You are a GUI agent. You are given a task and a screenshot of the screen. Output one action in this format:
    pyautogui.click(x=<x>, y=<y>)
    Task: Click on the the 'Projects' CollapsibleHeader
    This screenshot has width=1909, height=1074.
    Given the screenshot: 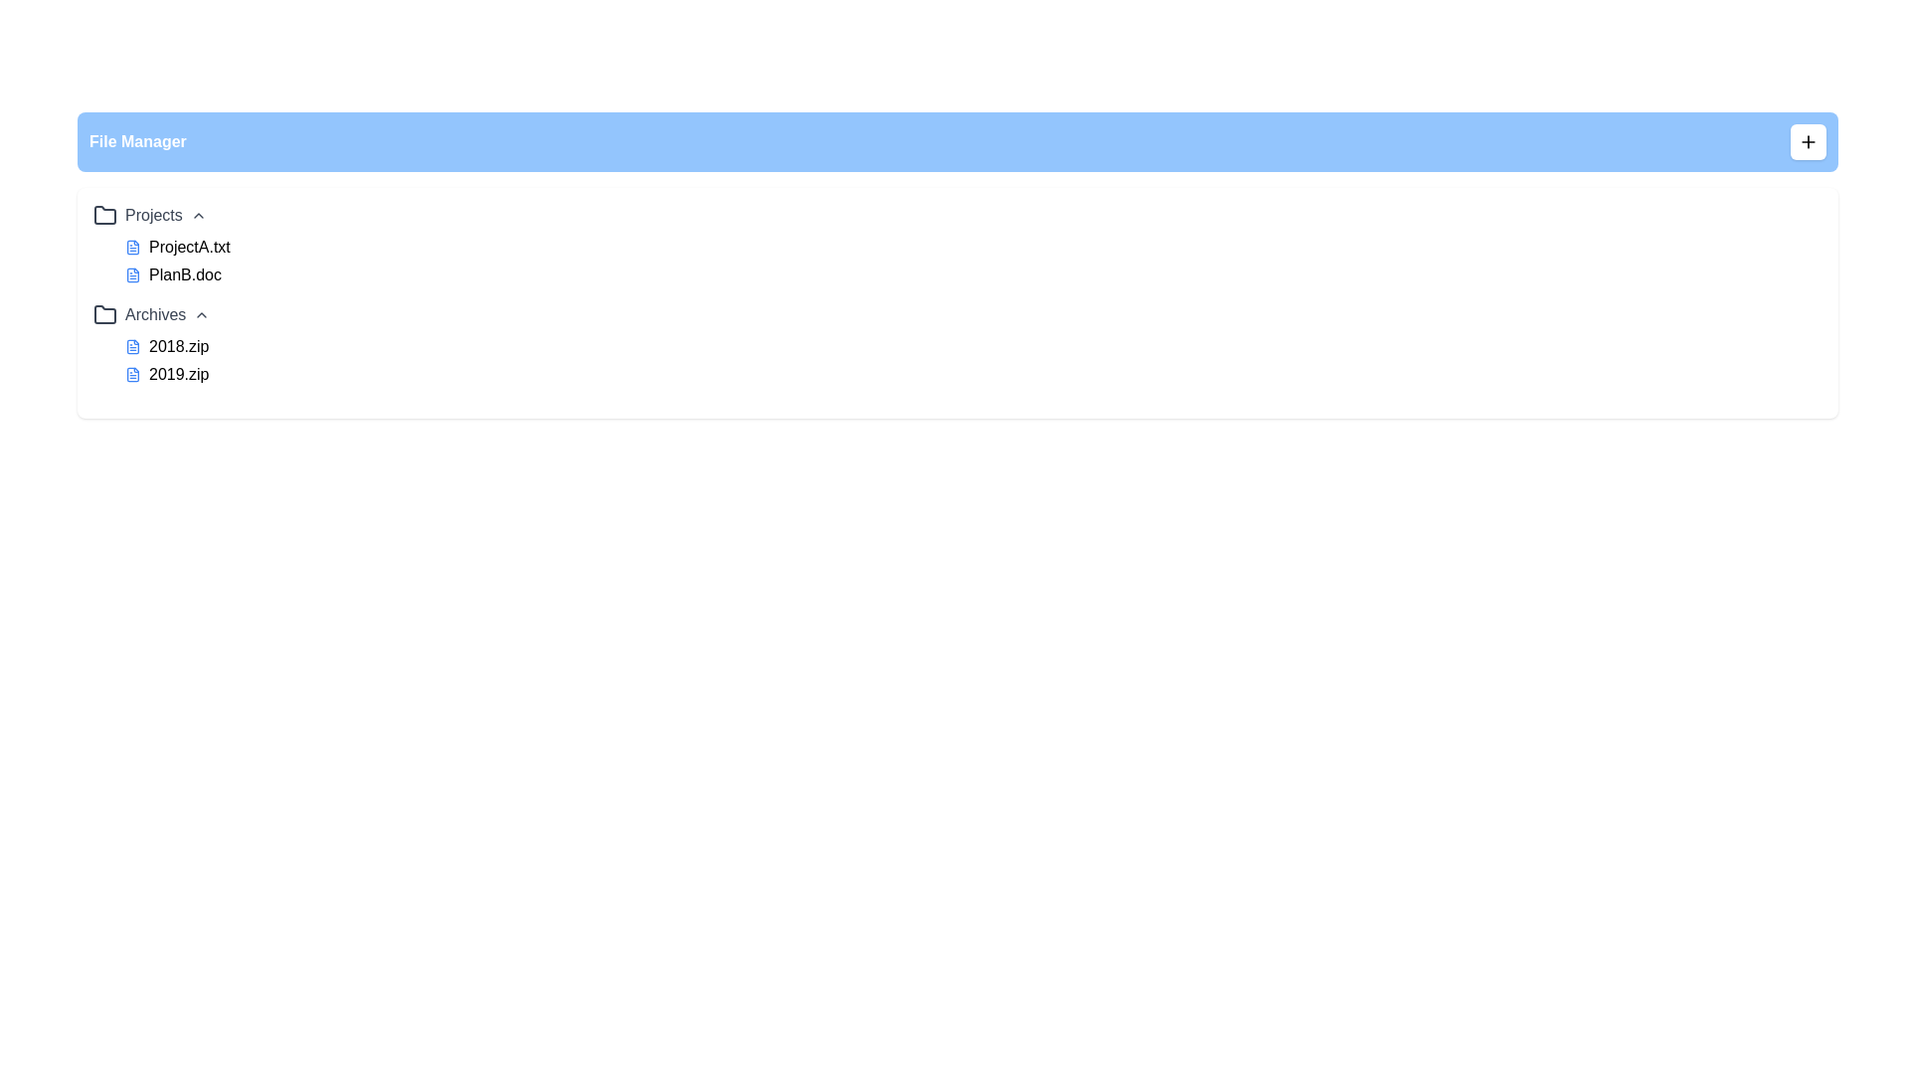 What is the action you would take?
    pyautogui.click(x=148, y=215)
    